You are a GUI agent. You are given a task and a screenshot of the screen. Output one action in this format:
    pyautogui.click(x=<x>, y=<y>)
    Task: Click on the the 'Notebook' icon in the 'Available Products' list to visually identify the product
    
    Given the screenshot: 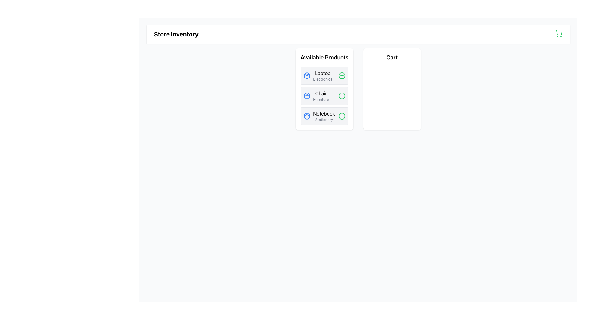 What is the action you would take?
    pyautogui.click(x=307, y=116)
    